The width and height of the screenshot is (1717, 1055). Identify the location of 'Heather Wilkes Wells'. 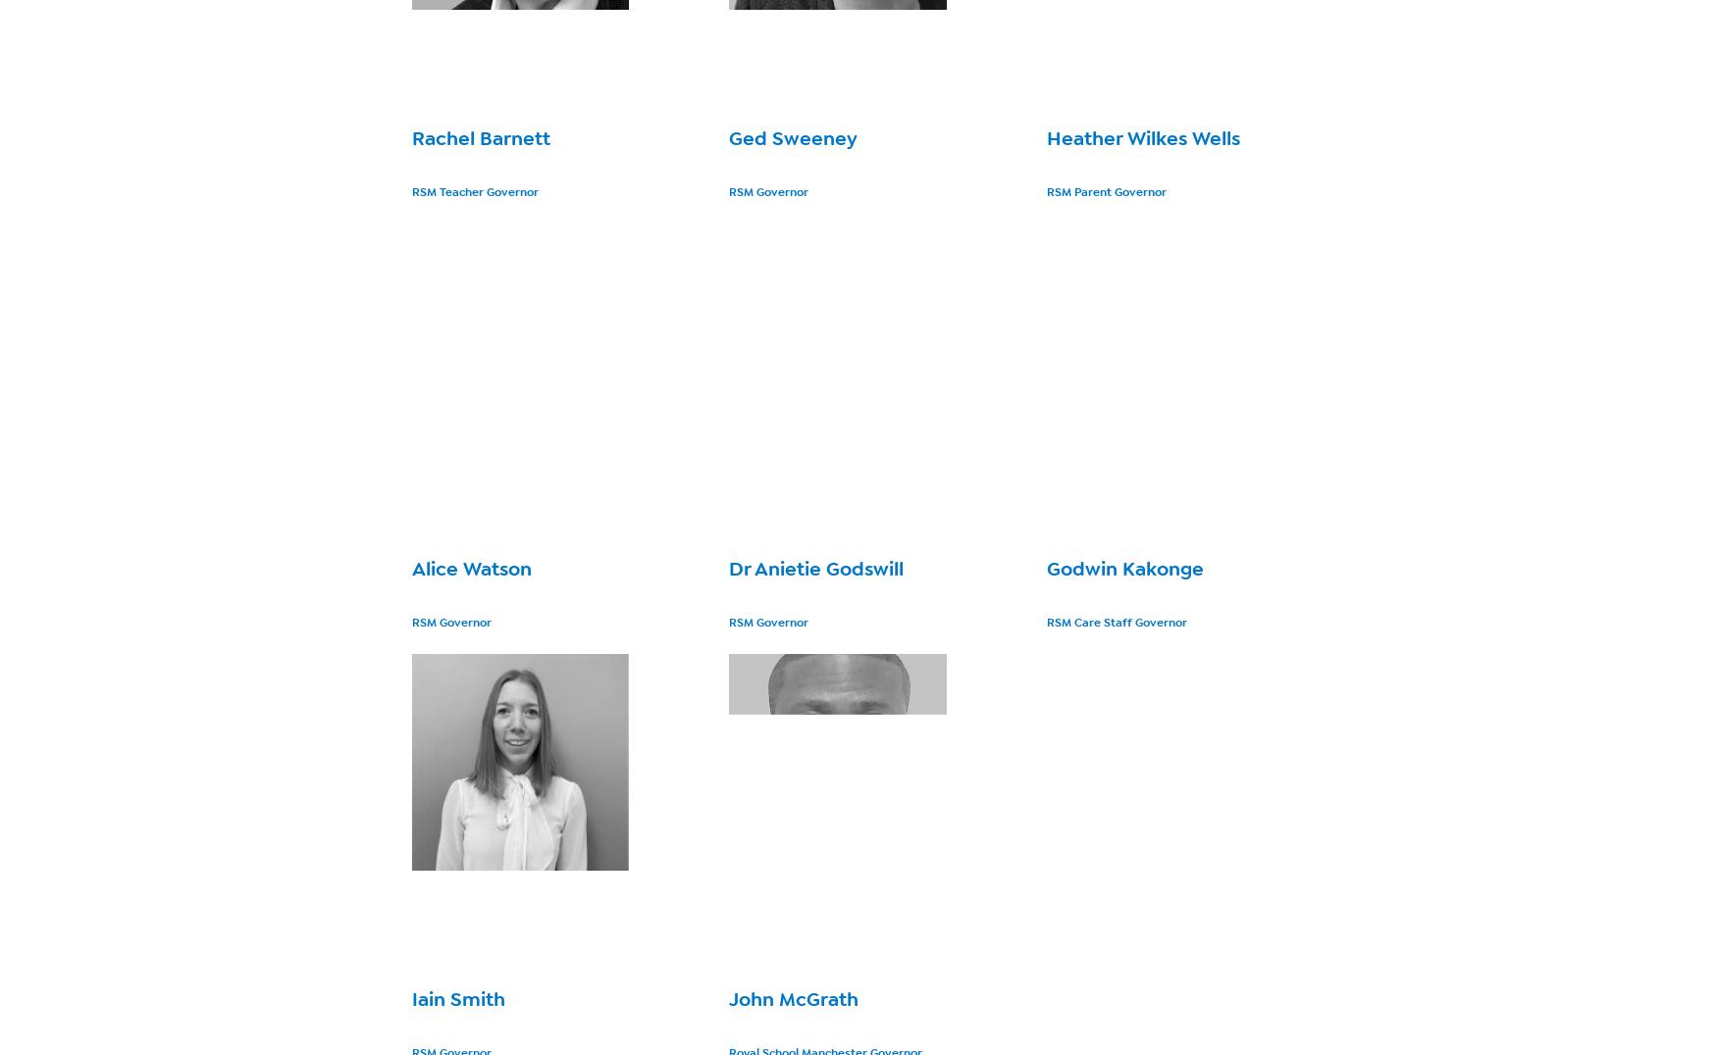
(1141, 138).